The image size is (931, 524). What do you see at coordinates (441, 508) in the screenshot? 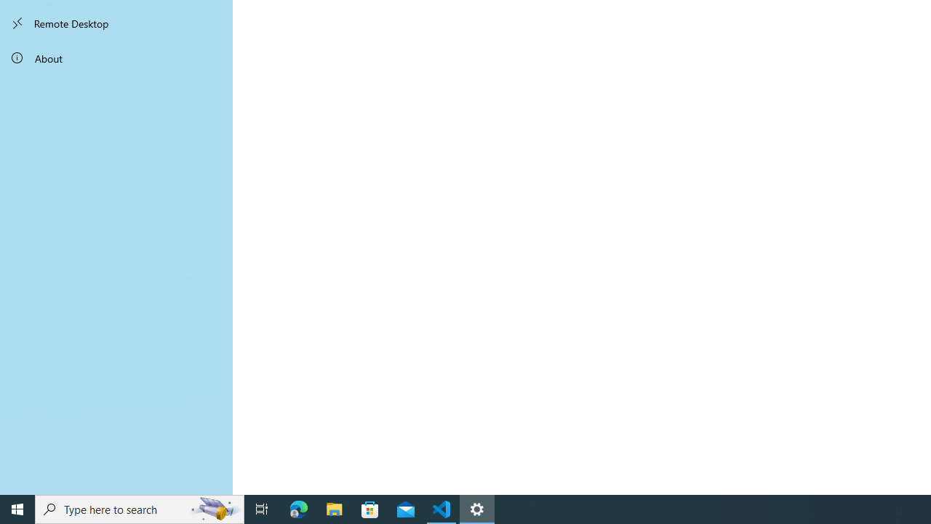
I see `'Visual Studio Code - 1 running window'` at bounding box center [441, 508].